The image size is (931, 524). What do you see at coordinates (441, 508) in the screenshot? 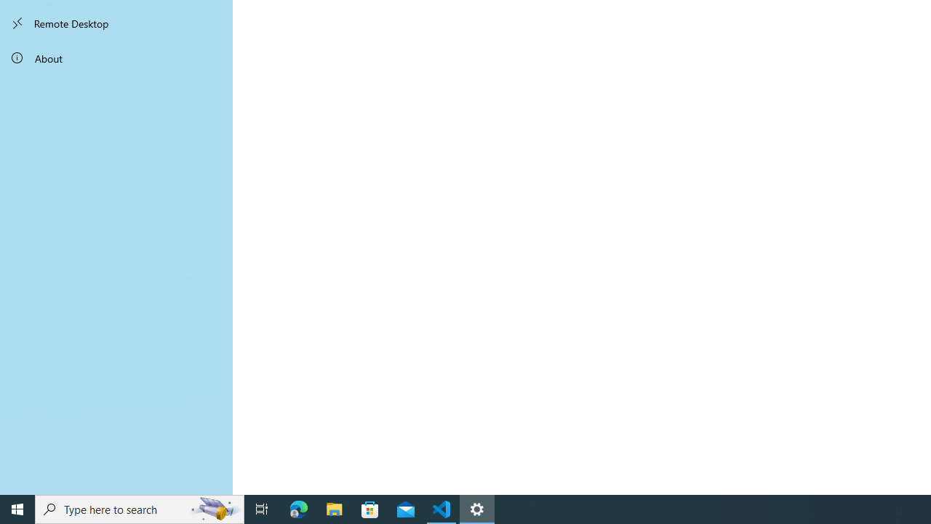
I see `'Visual Studio Code - 1 running window'` at bounding box center [441, 508].